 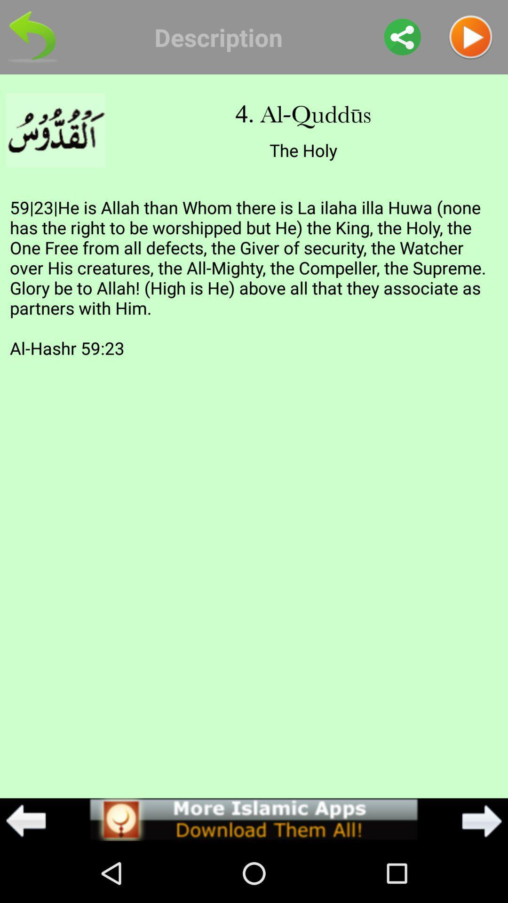 I want to click on the icon below the 59 23 he, so click(x=253, y=819).